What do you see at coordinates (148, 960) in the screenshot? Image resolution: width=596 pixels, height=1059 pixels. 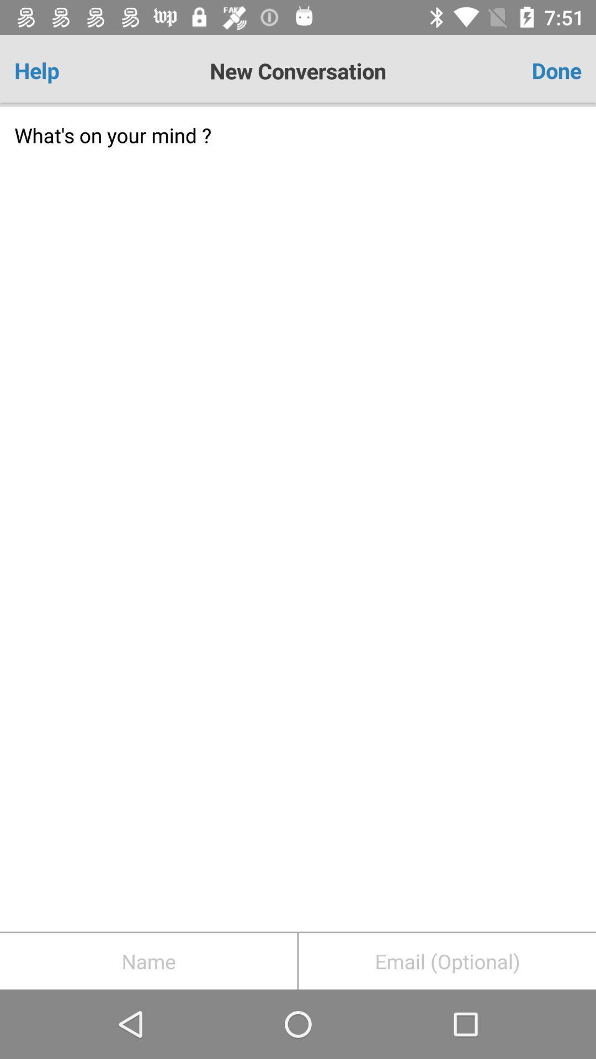 I see `autofill name` at bounding box center [148, 960].